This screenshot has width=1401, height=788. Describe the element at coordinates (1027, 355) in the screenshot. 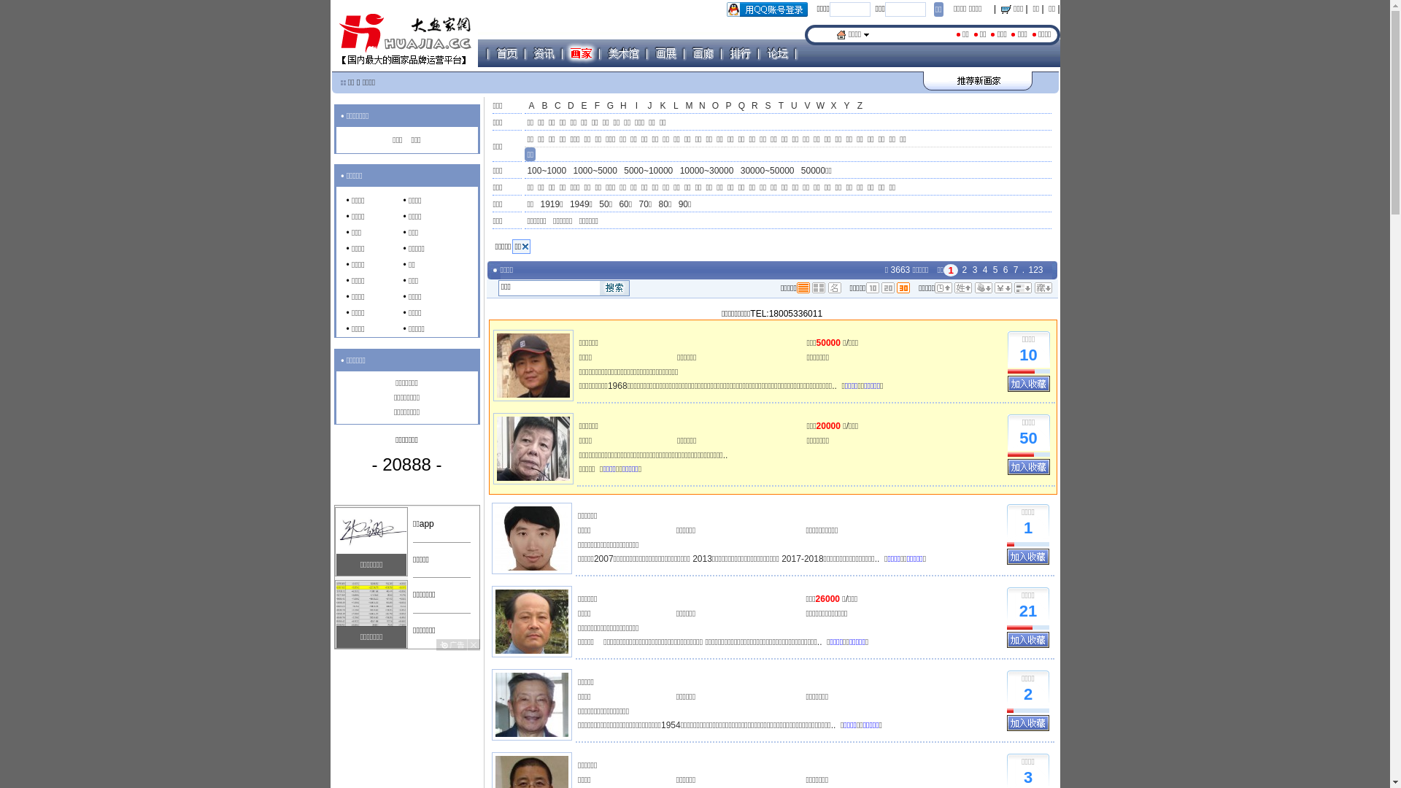

I see `'10'` at that location.